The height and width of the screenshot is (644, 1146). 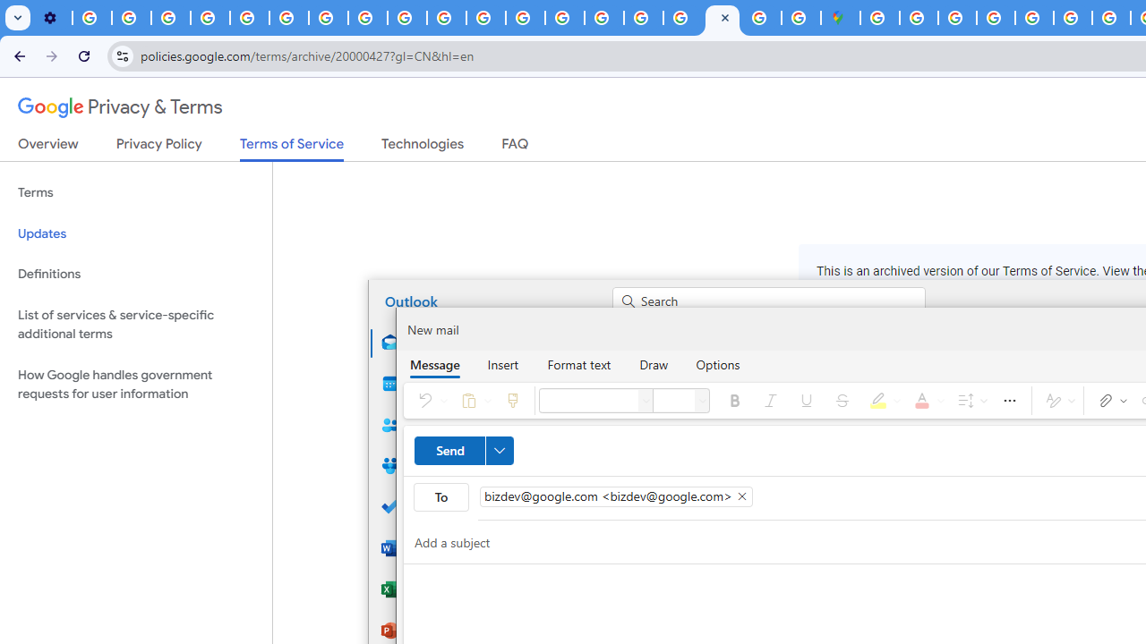 What do you see at coordinates (969, 399) in the screenshot?
I see `'Spacing'` at bounding box center [969, 399].